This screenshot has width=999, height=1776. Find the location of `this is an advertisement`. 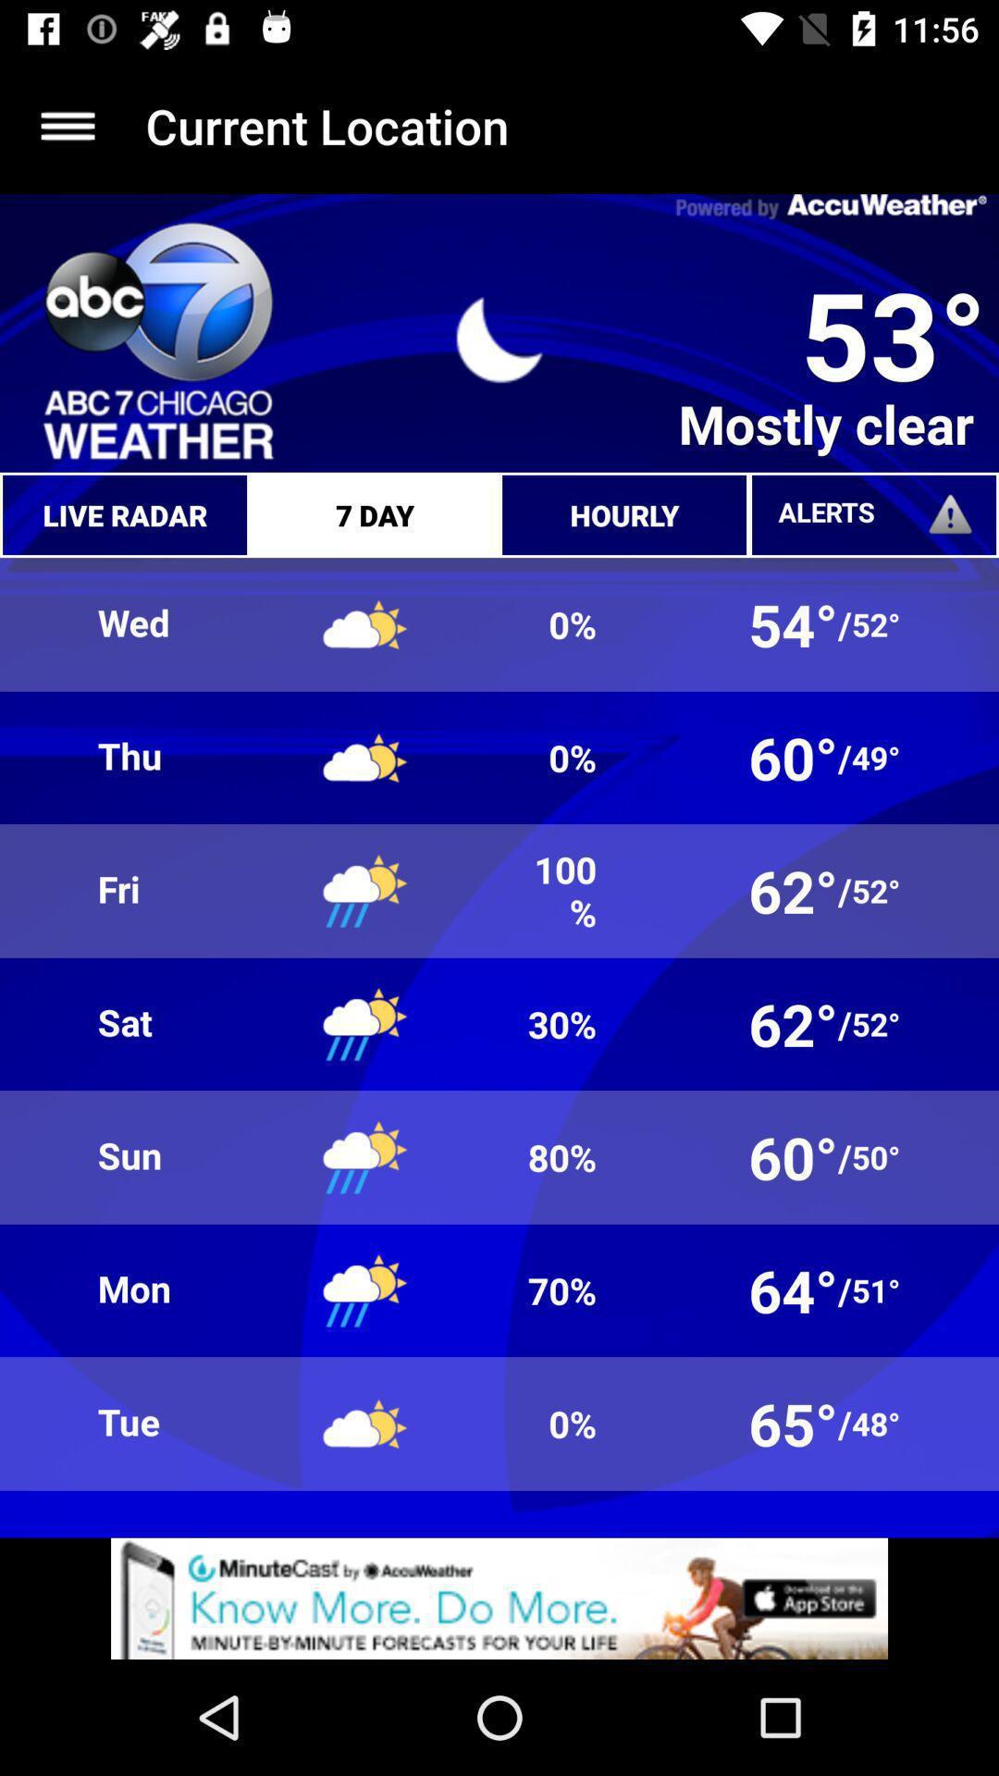

this is an advertisement is located at coordinates (499, 1597).